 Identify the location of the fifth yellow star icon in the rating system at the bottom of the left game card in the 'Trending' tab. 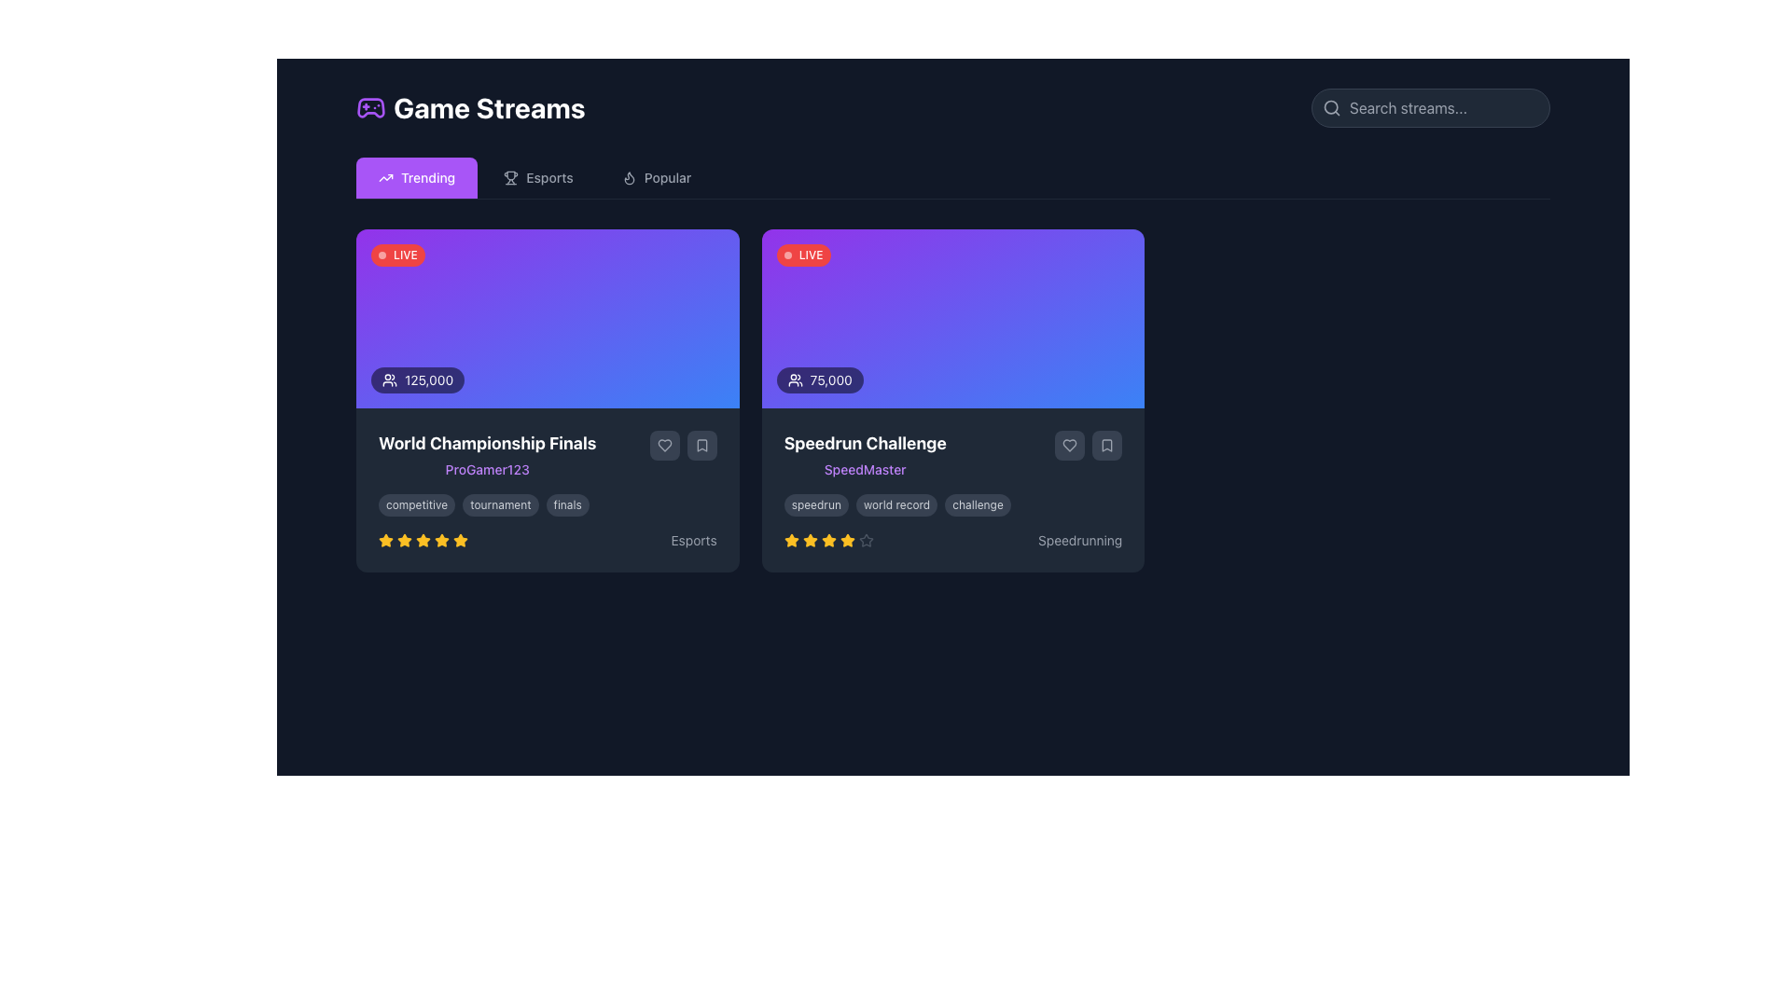
(461, 540).